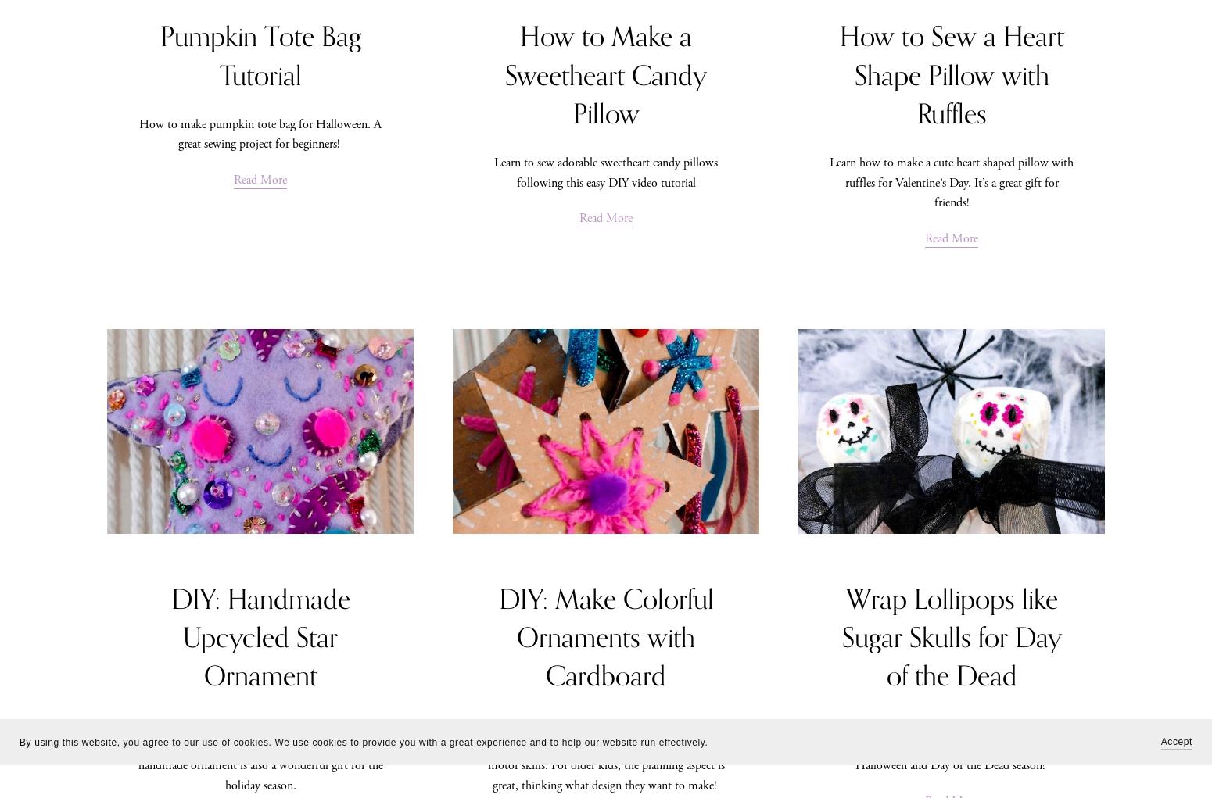 The image size is (1212, 798). What do you see at coordinates (364, 741) in the screenshot?
I see `'By using this website, you agree to our use of cookies. We use cookies to provide you with a great experience and to help our website run effectively.'` at bounding box center [364, 741].